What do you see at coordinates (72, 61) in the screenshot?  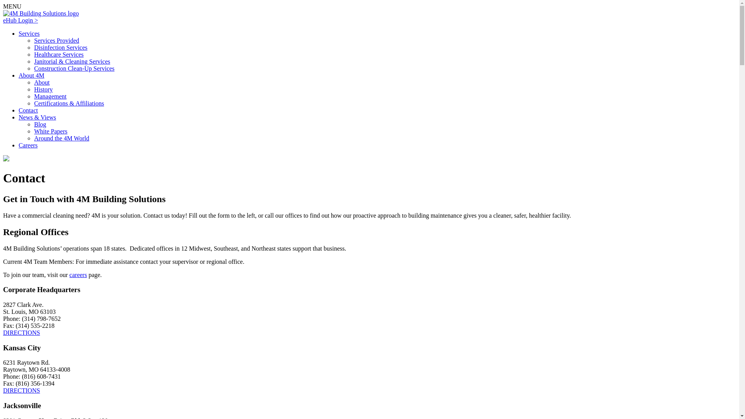 I see `'Janitorial & Cleaning Services'` at bounding box center [72, 61].